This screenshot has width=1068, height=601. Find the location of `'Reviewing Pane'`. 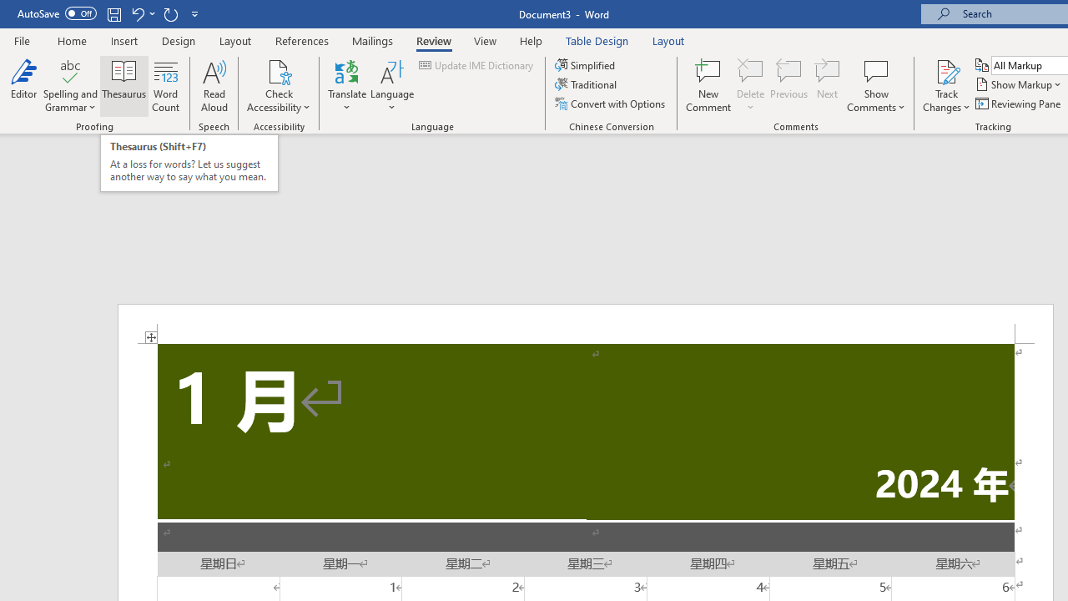

'Reviewing Pane' is located at coordinates (1018, 104).